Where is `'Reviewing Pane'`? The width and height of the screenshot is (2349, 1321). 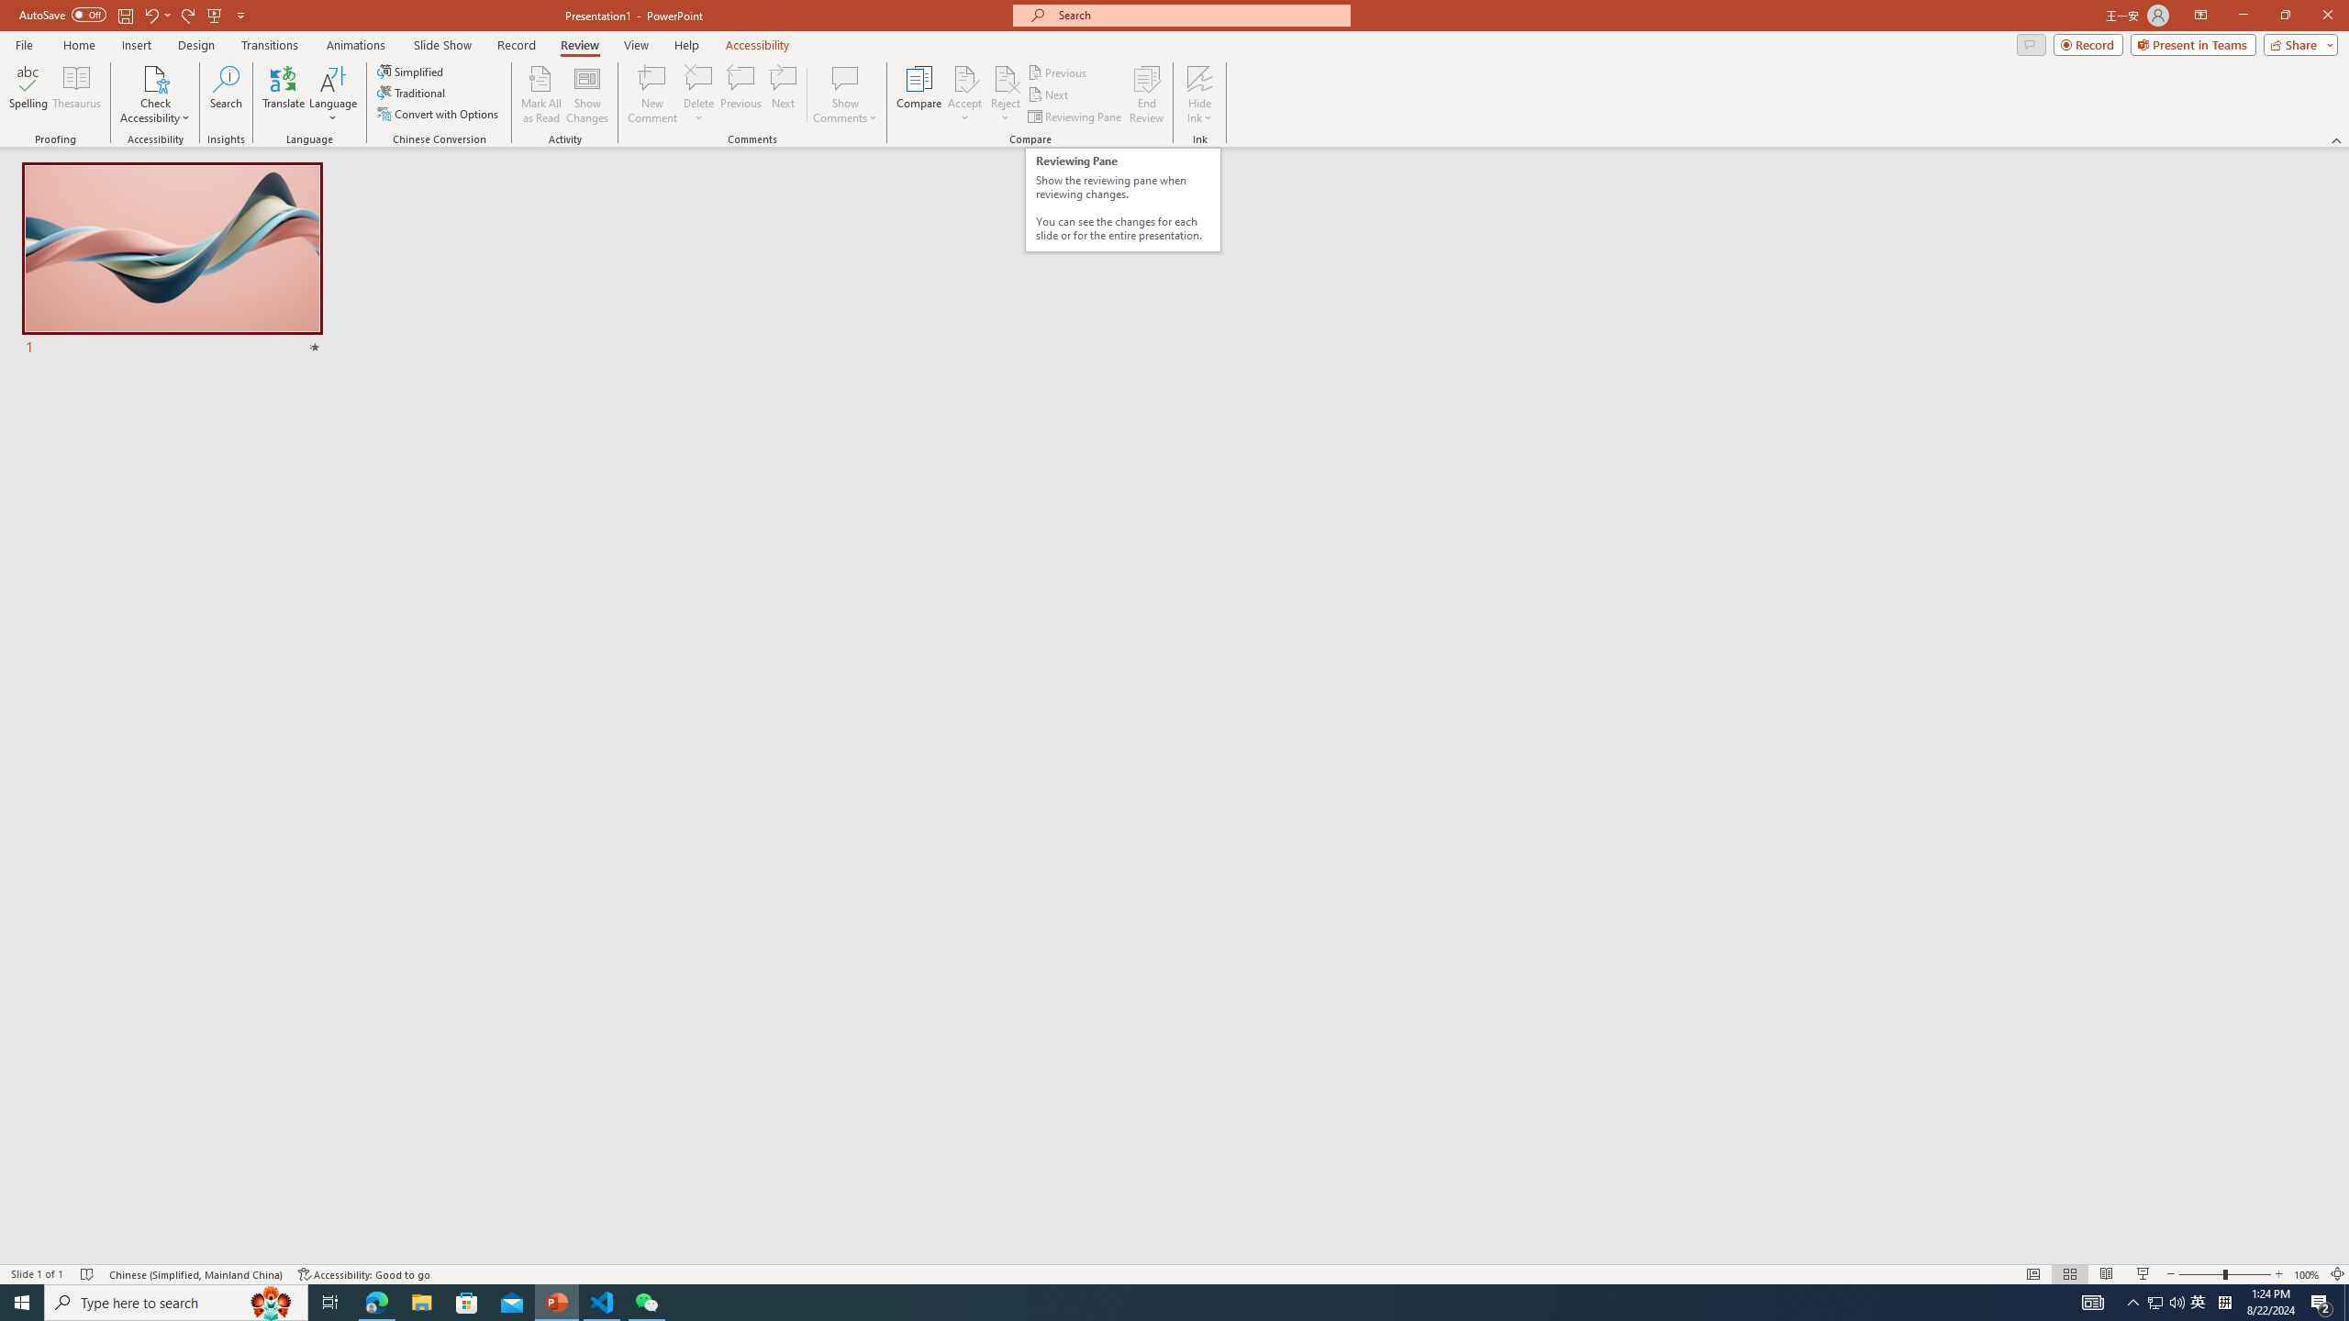 'Reviewing Pane' is located at coordinates (1074, 117).